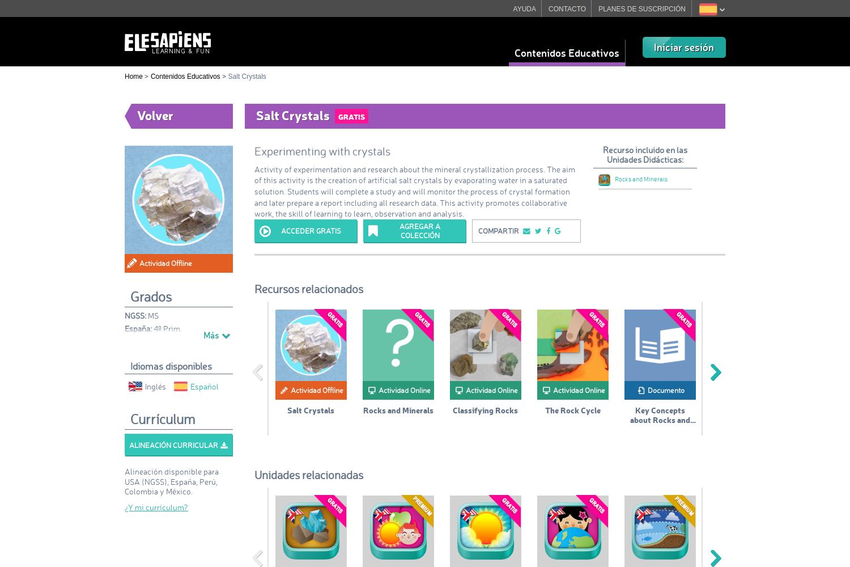  I want to click on 'Activity of experimentation and research about the mineral crystallization process. The aim of this activity is the creation of artificial salt crystals by evaporating water in a saturated solution. Students will complete a study and will monitor the process of crystal formation and later prepare a report including all research data. This activity promotes collaborative work, the skill of learning to learn, observation and analysis.', so click(413, 191).